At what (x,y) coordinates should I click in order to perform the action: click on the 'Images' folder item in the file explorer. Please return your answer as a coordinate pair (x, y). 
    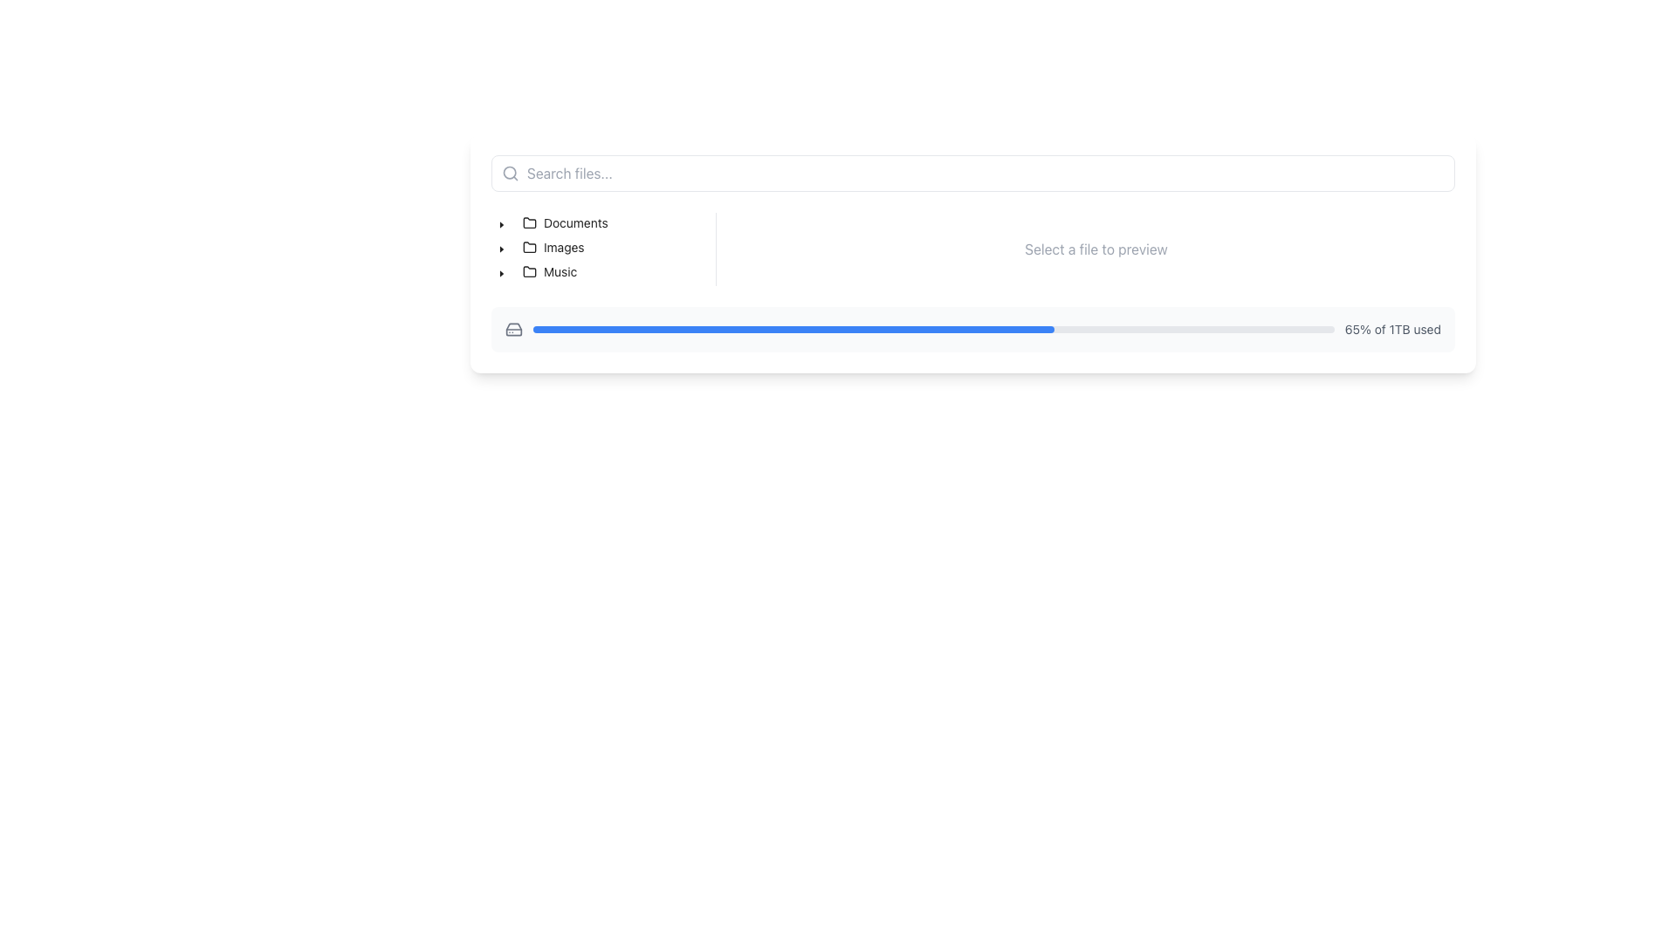
    Looking at the image, I should click on (552, 248).